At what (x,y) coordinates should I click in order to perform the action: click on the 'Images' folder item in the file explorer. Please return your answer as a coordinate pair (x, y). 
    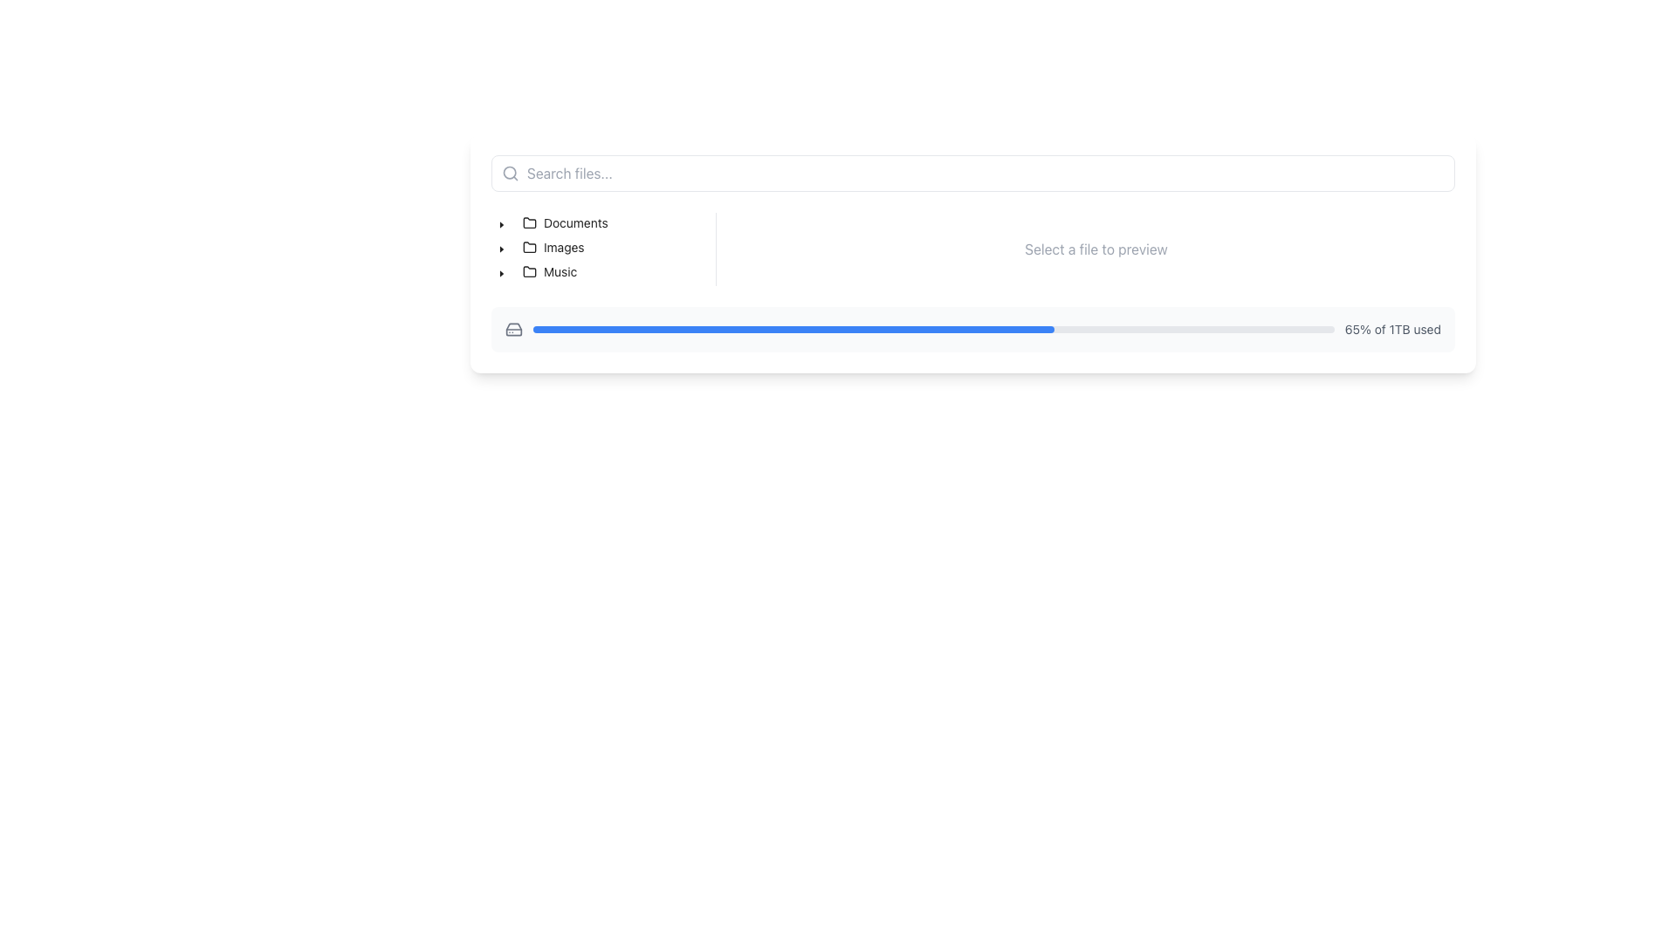
    Looking at the image, I should click on (552, 248).